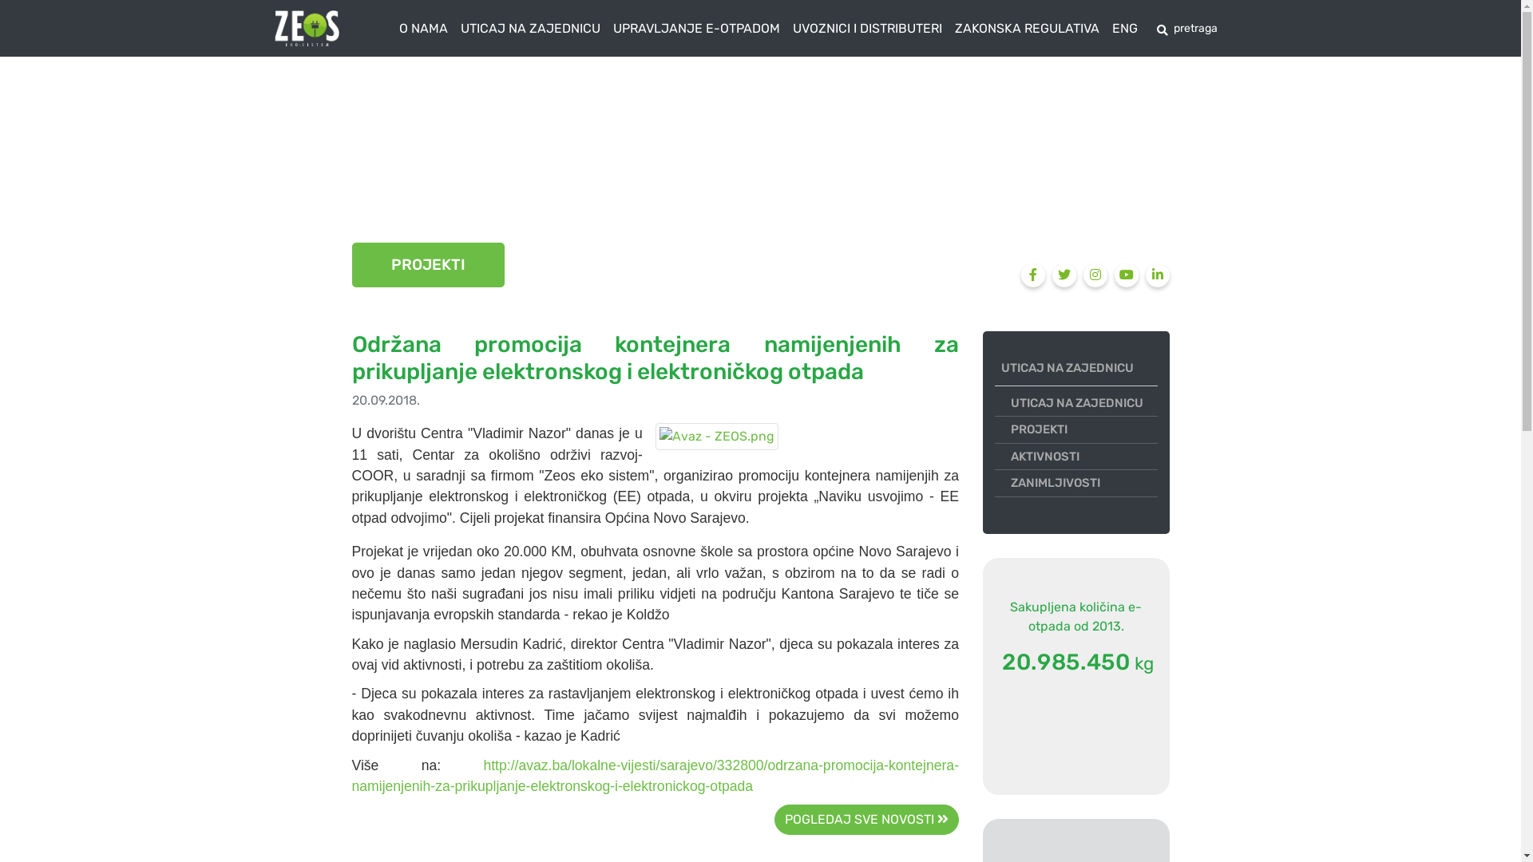 The width and height of the screenshot is (1533, 862). Describe the element at coordinates (866, 819) in the screenshot. I see `'POGLEDAJ SVE NOVOSTI'` at that location.